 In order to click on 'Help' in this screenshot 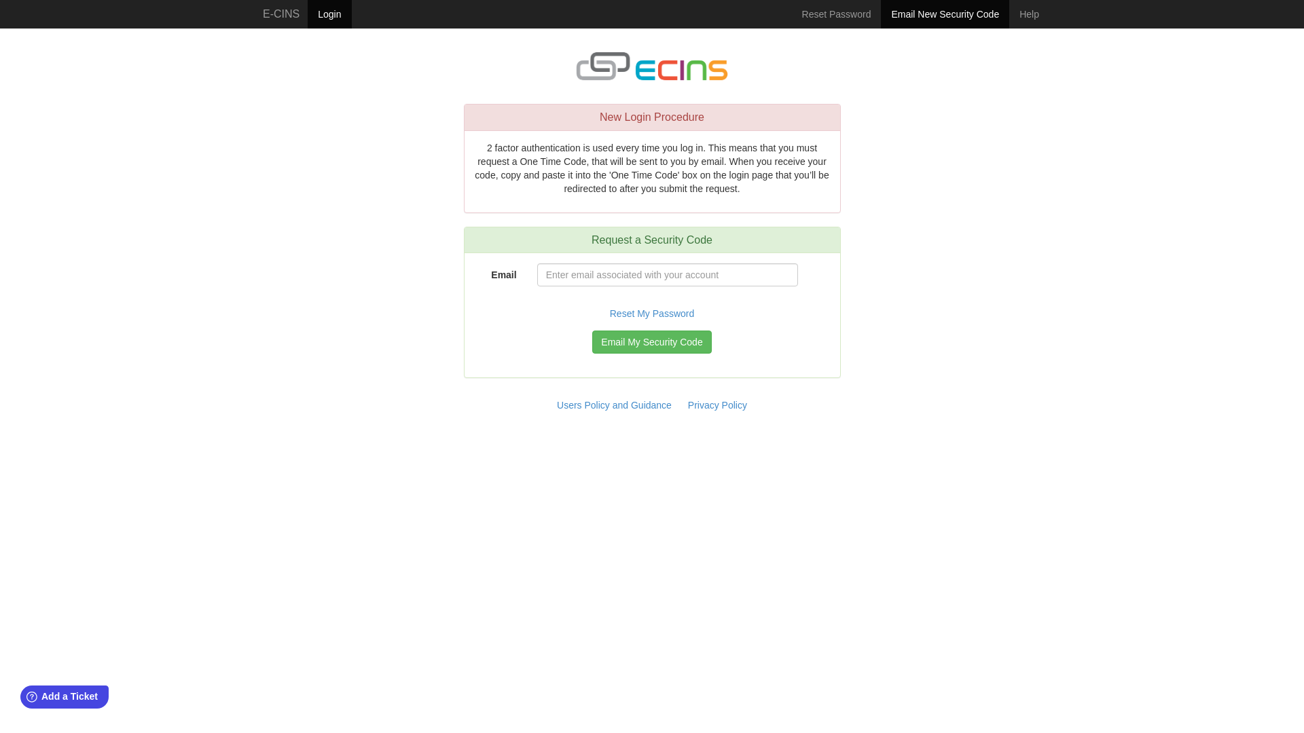, I will do `click(1029, 14)`.